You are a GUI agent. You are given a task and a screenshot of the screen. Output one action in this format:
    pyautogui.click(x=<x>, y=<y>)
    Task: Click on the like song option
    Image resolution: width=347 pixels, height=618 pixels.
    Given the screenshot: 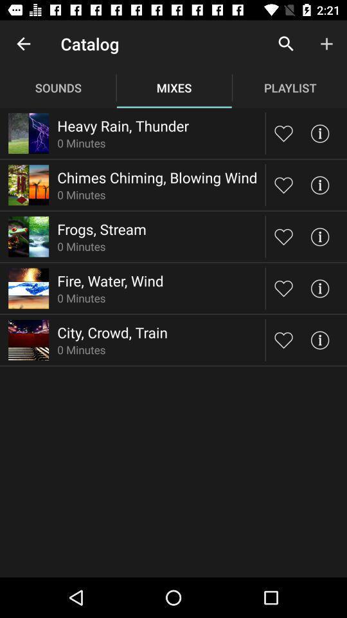 What is the action you would take?
    pyautogui.click(x=283, y=184)
    